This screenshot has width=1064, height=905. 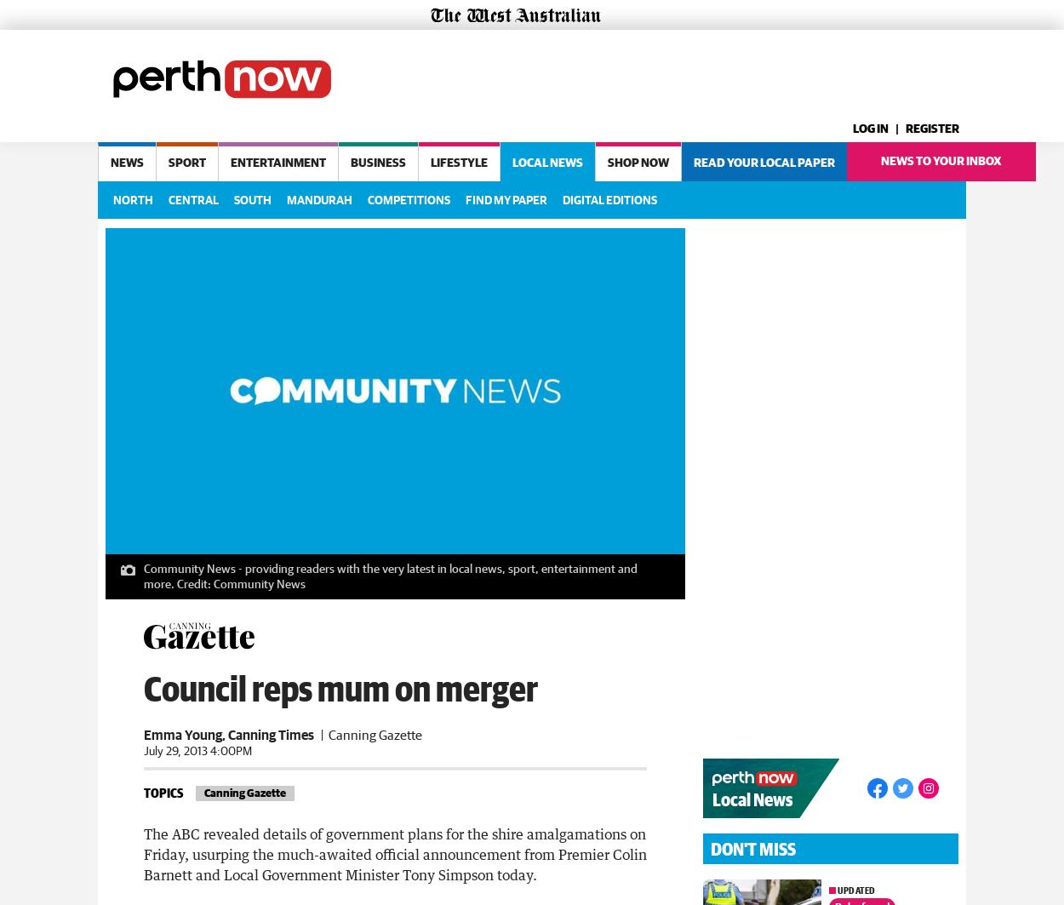 What do you see at coordinates (394, 851) in the screenshot?
I see `'The ABC revealed details of government plans for the shire amalgamations on Friday, usurping the much-awaited official announcement from Premier Colin Barnett and Local Government Minister Tony Simpson today.'` at bounding box center [394, 851].